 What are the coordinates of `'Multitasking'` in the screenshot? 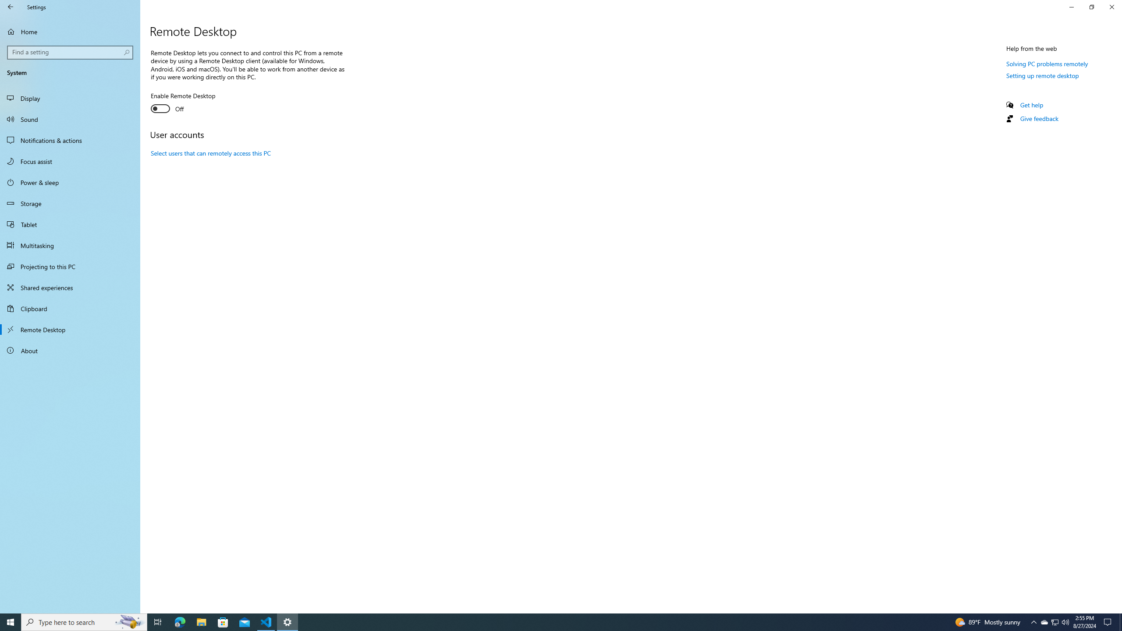 It's located at (70, 245).